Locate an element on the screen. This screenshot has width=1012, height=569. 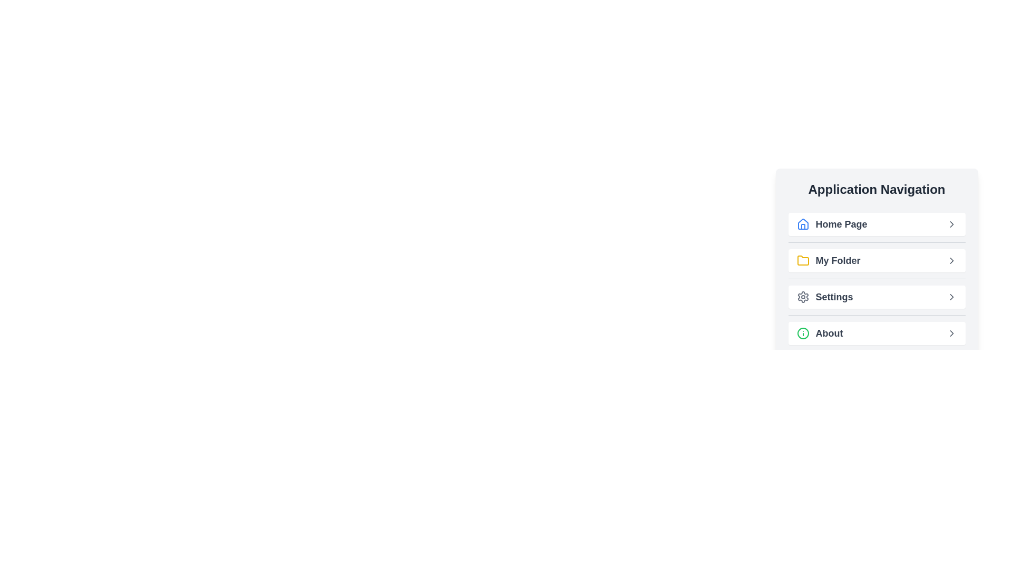
the 'Home Page' text label in the navigation menu, which is displayed in bold, dark font and positioned to the right of a blue house-shaped icon is located at coordinates (841, 223).